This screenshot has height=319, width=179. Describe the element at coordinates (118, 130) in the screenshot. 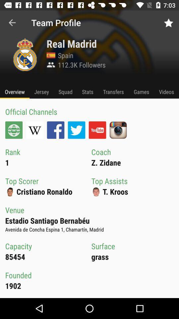

I see `upload your social media channel` at that location.